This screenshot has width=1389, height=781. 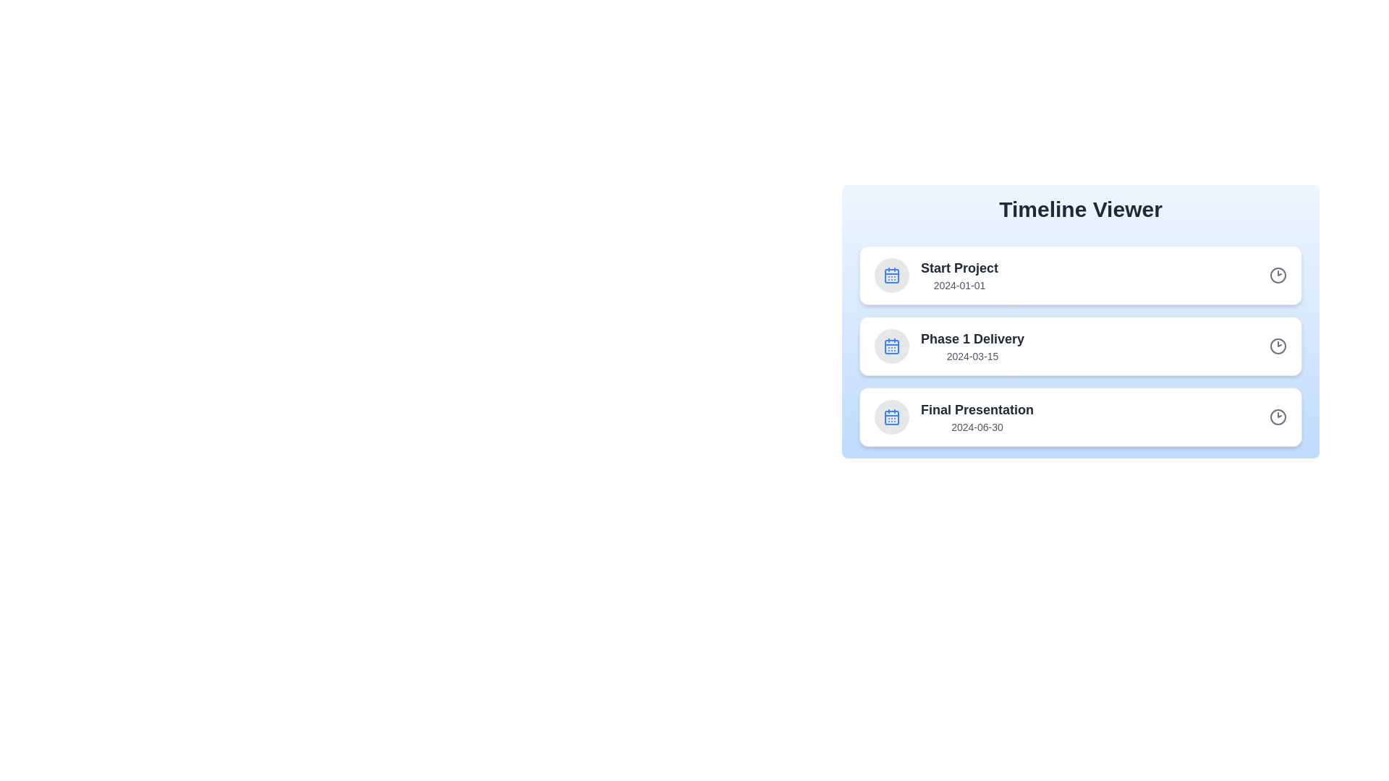 What do you see at coordinates (972, 339) in the screenshot?
I see `the text label displaying 'Phase 1 Delivery', which is prominently styled in bold and larger font within the Timeline Viewer section` at bounding box center [972, 339].